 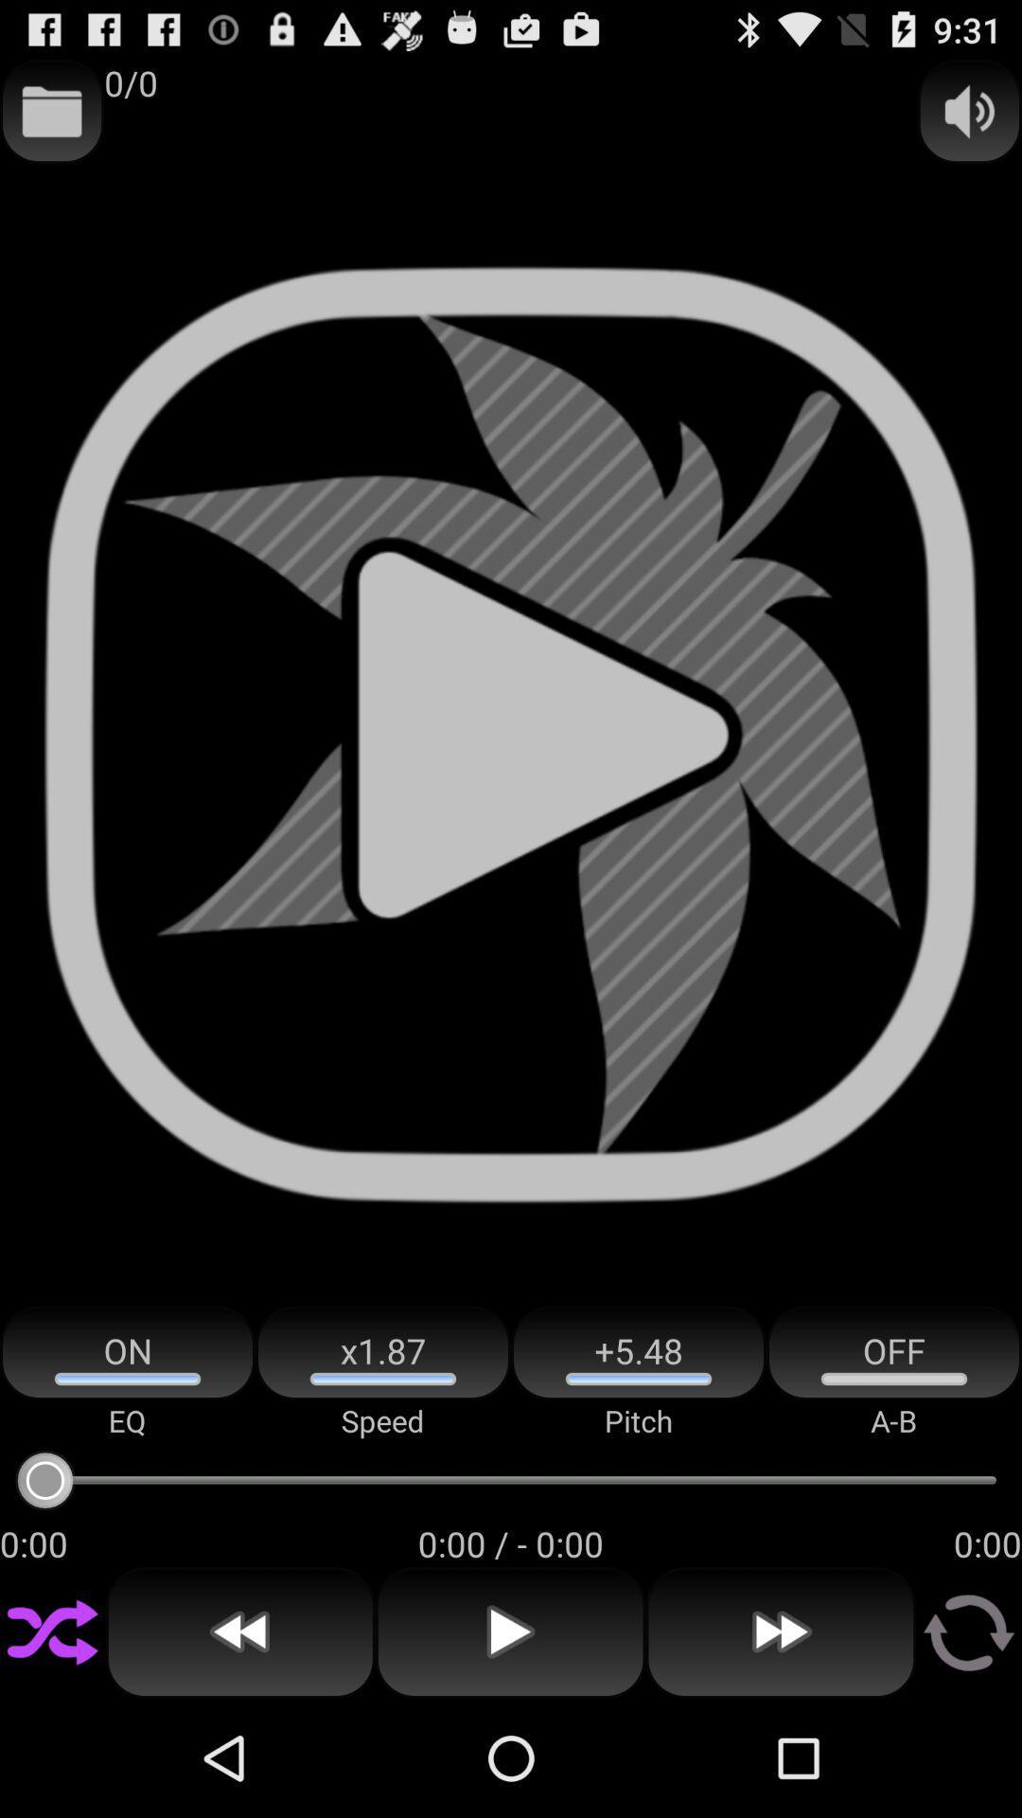 What do you see at coordinates (781, 1746) in the screenshot?
I see `the av_forward icon` at bounding box center [781, 1746].